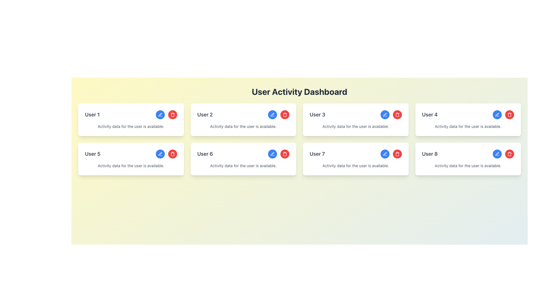 This screenshot has width=540, height=303. What do you see at coordinates (509, 154) in the screenshot?
I see `the delete button located at the top right corner of the user activity card for 'User 8'` at bounding box center [509, 154].